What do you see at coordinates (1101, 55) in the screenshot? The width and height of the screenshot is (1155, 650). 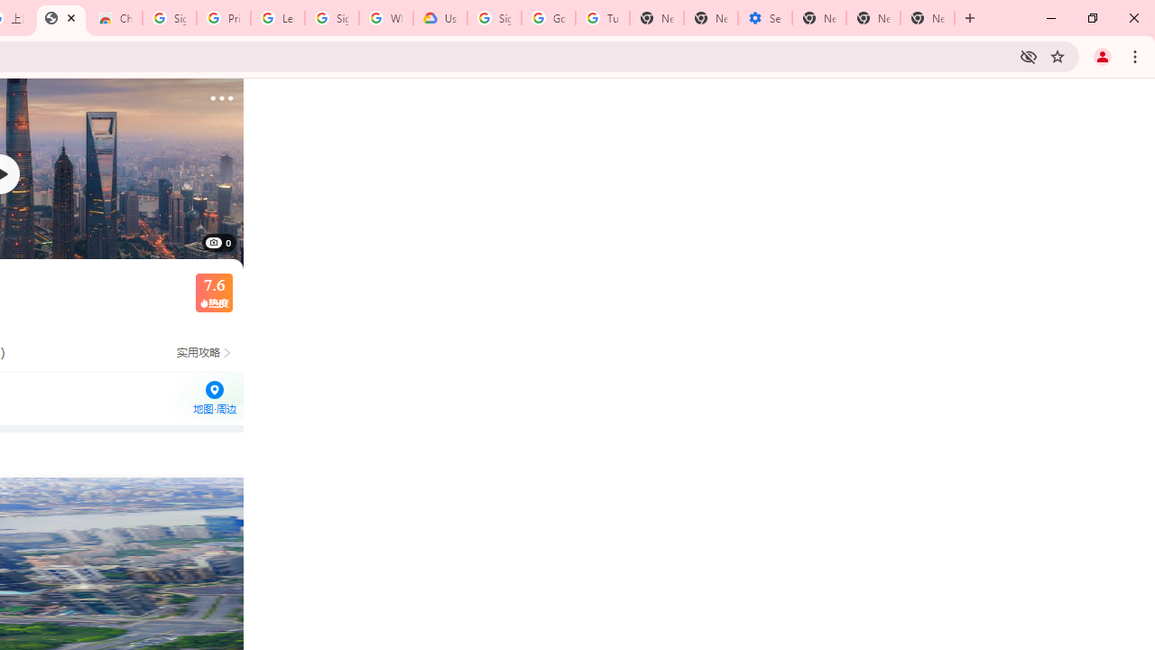 I see `'You'` at bounding box center [1101, 55].